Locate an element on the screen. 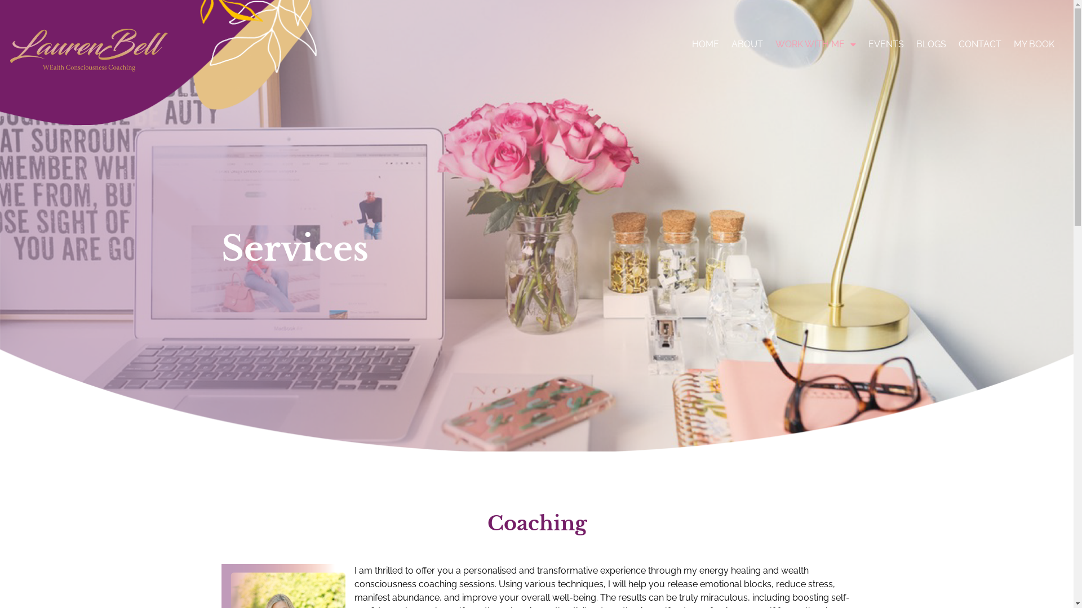 Image resolution: width=1082 pixels, height=608 pixels. 'CONTACT' is located at coordinates (979, 43).